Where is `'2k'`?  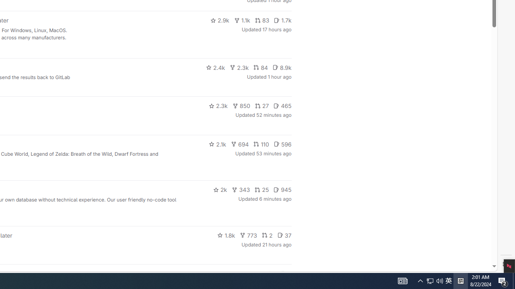 '2k' is located at coordinates (220, 190).